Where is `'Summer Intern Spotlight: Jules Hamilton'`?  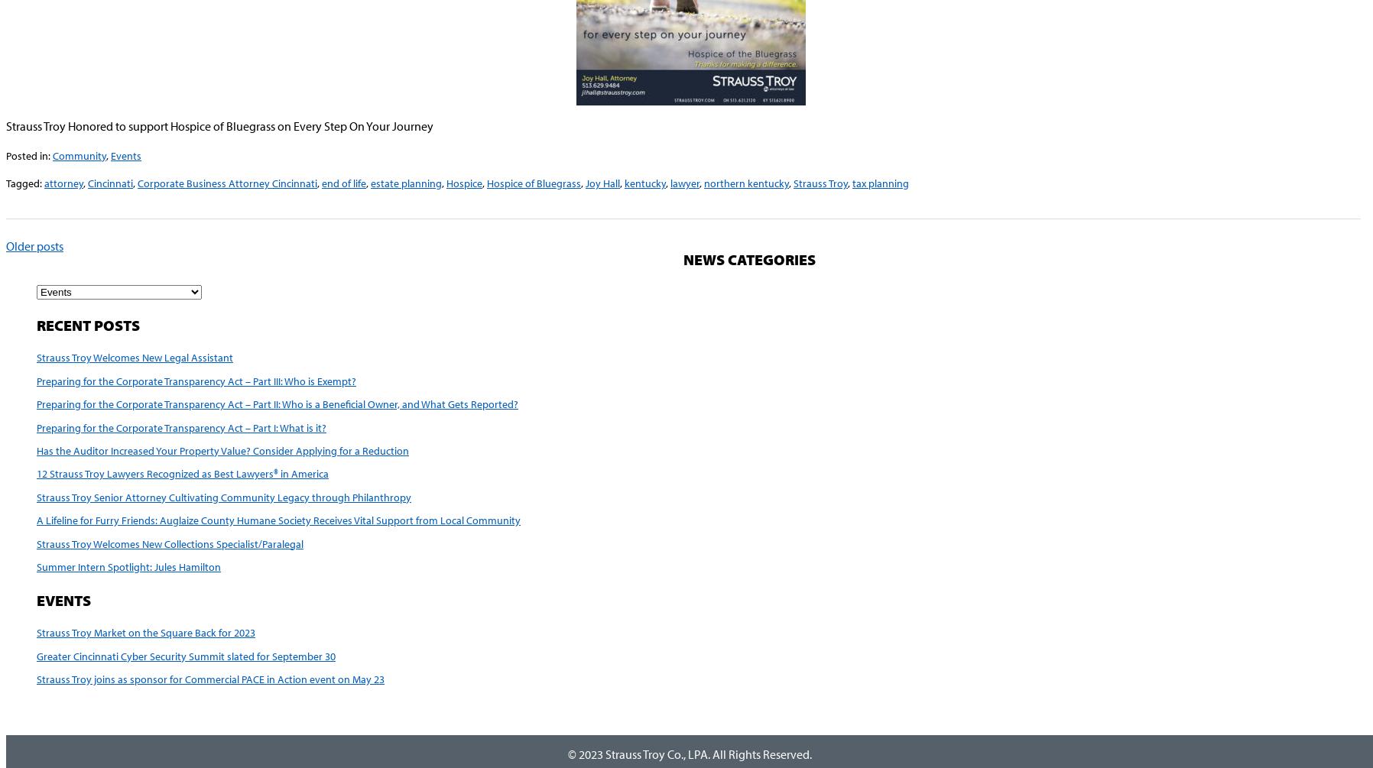
'Summer Intern Spotlight: Jules Hamilton' is located at coordinates (128, 565).